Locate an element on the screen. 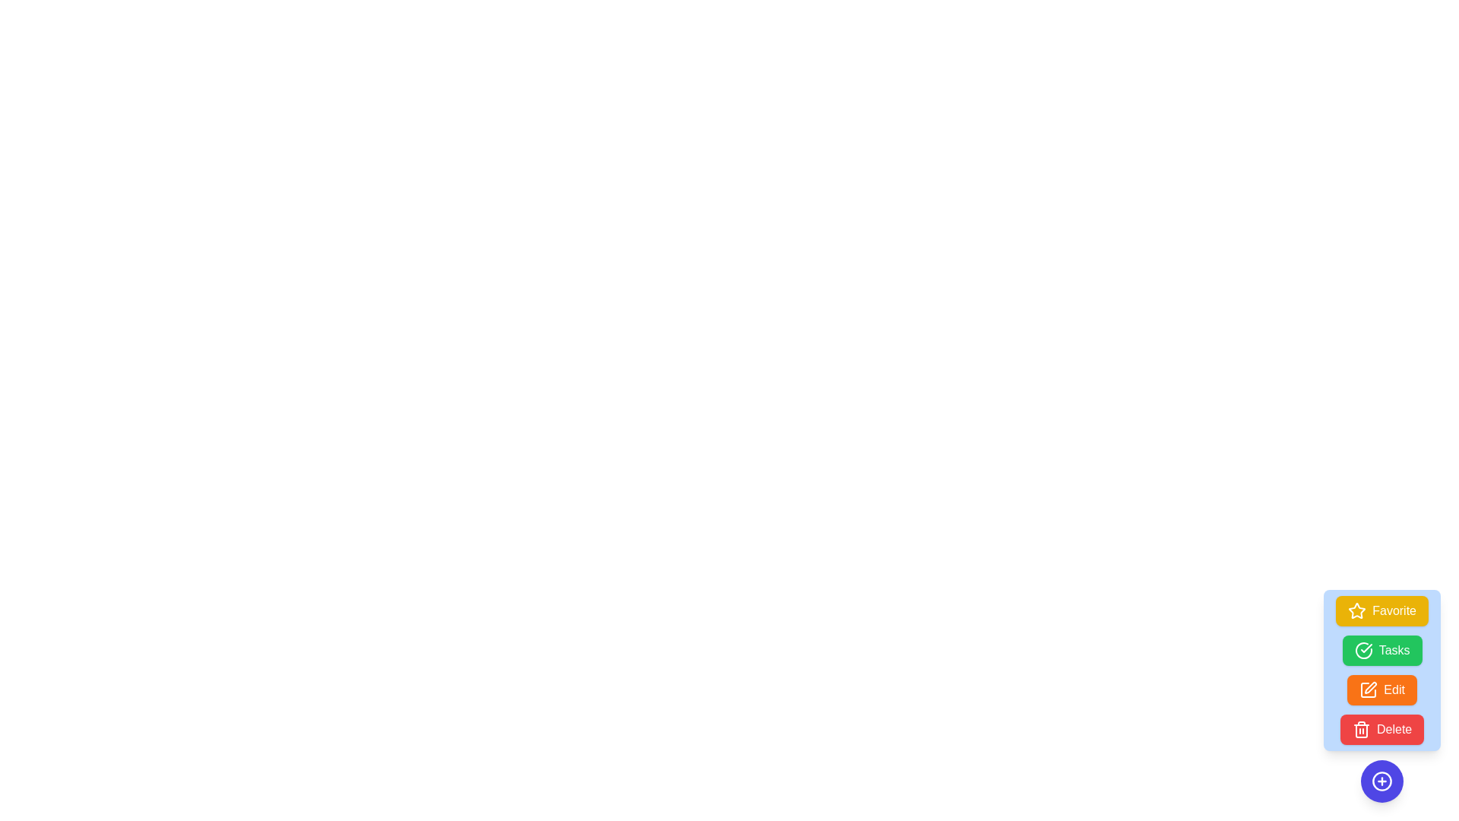 The width and height of the screenshot is (1459, 821). the circular button with a plus sign icon located at the bottom-right corner of the interface is located at coordinates (1382, 781).